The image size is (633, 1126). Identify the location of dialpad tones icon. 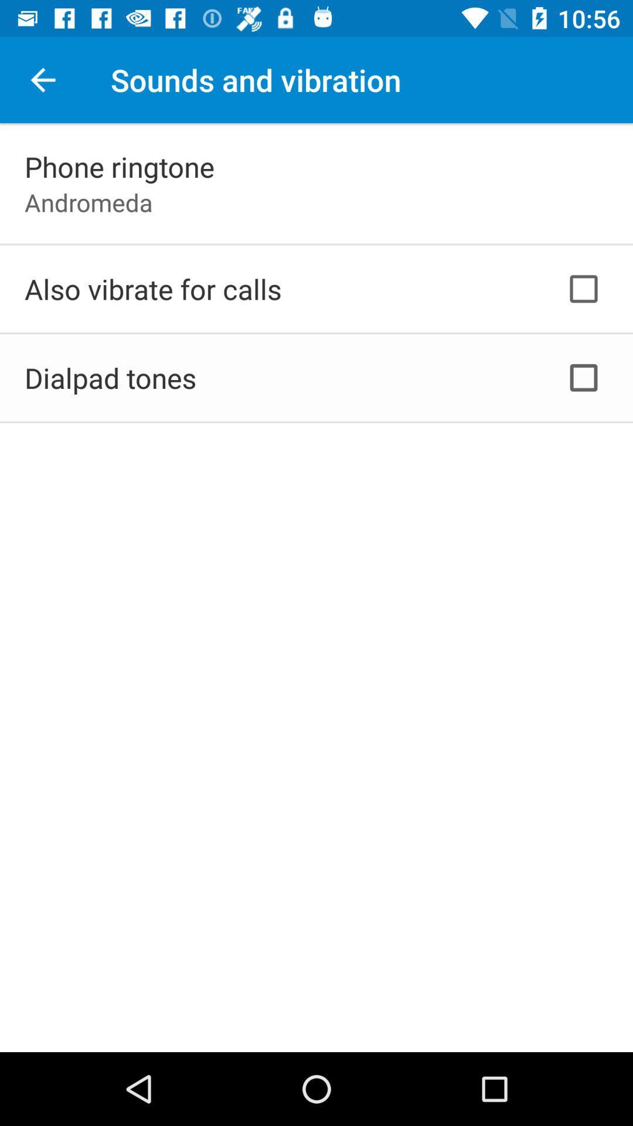
(110, 378).